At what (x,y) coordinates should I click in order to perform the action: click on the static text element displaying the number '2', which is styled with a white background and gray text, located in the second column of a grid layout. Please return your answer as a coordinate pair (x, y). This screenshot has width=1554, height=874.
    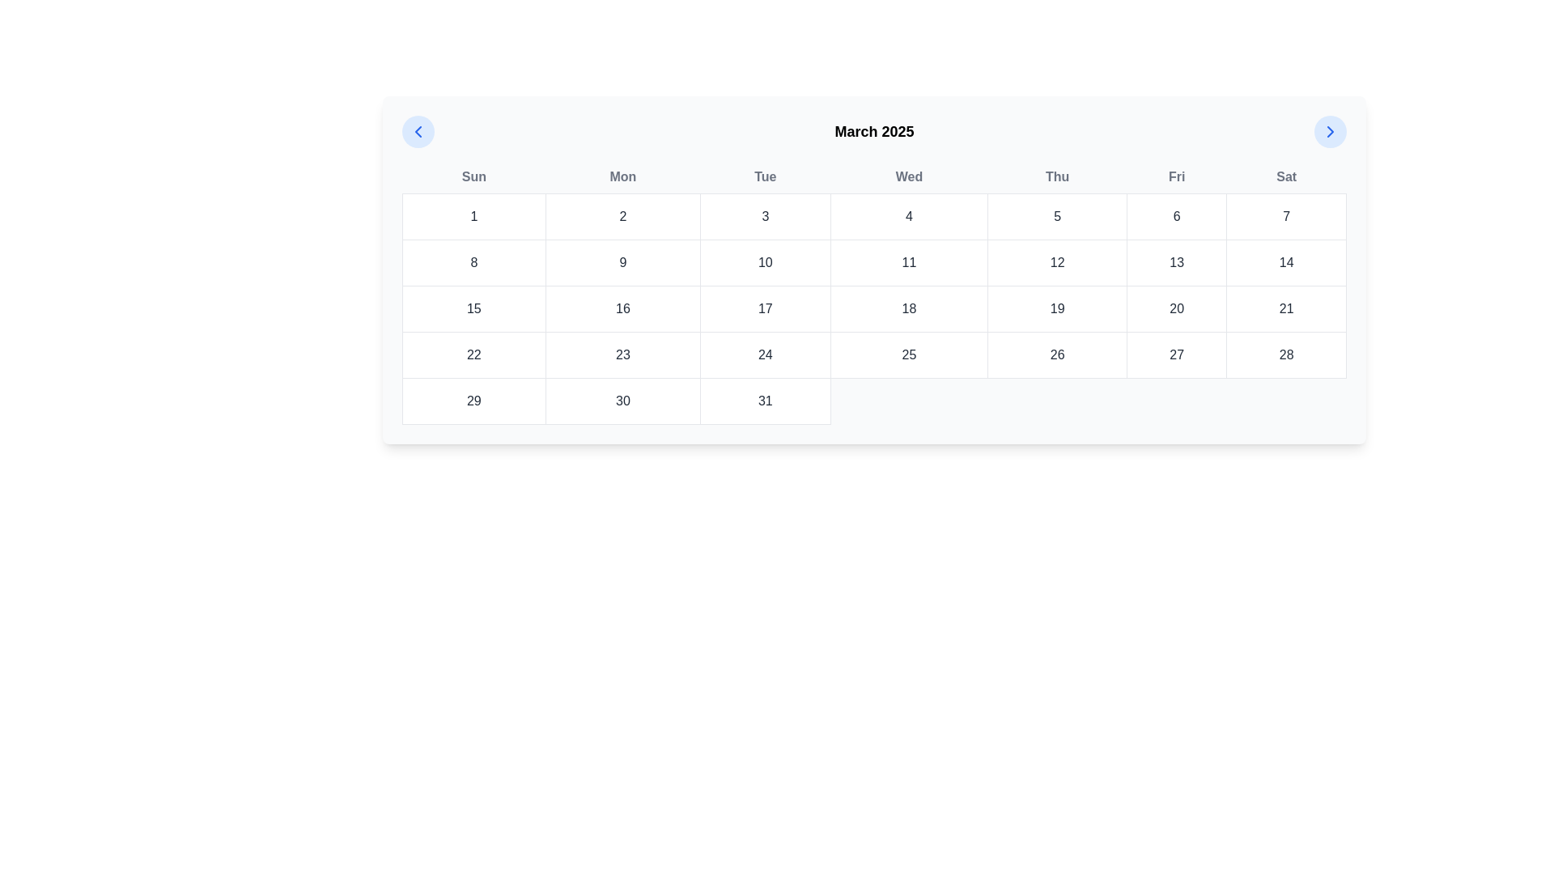
    Looking at the image, I should click on (622, 215).